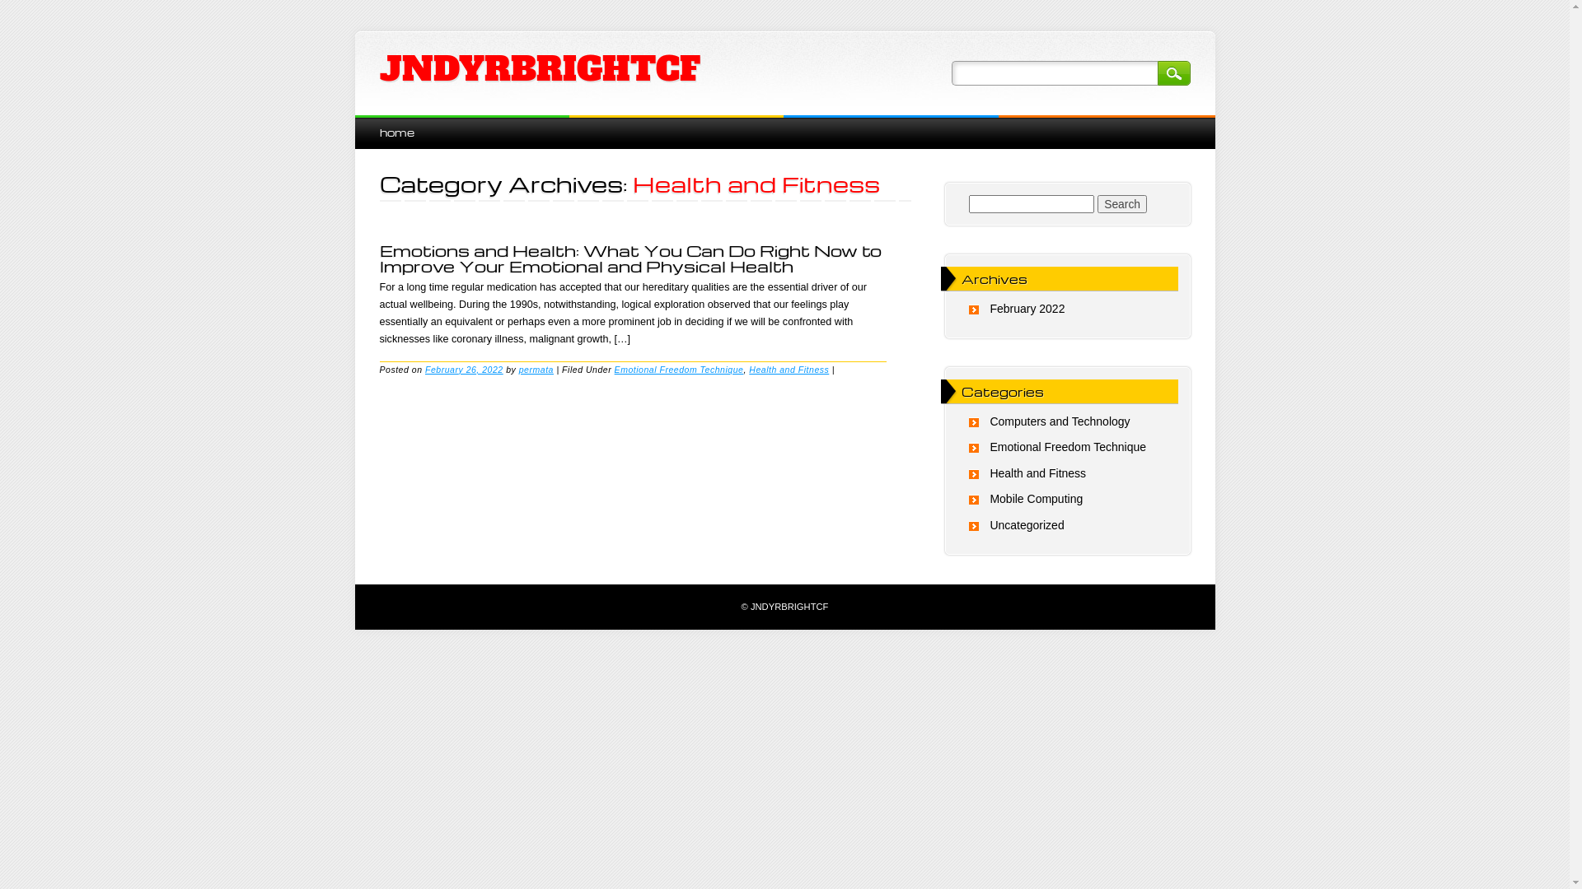  I want to click on 'permata', so click(536, 367).